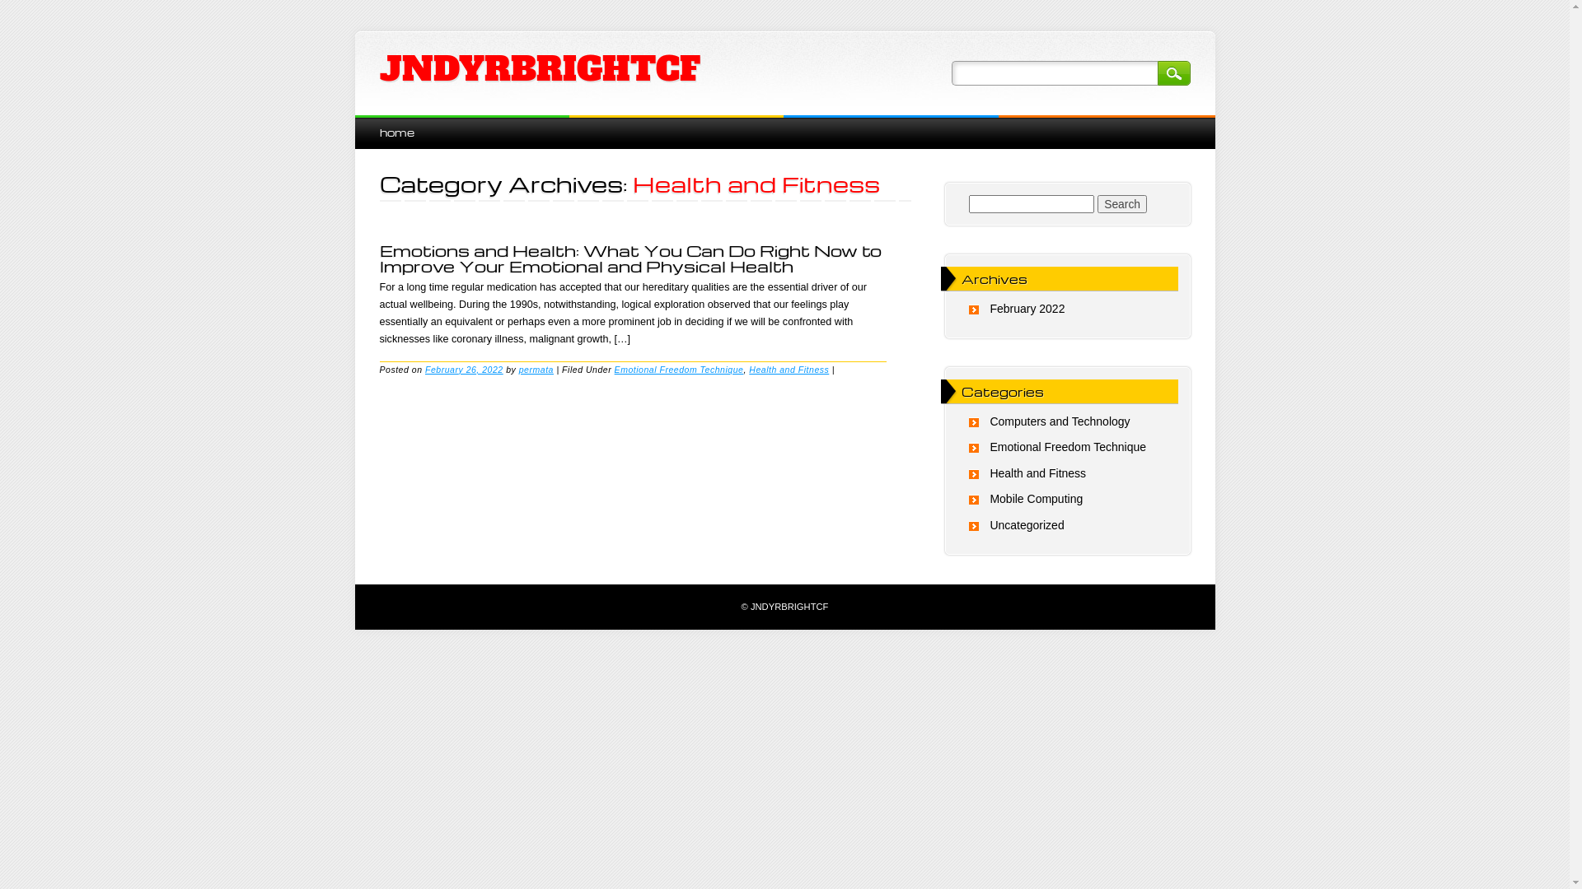  I want to click on 'permata', so click(536, 367).